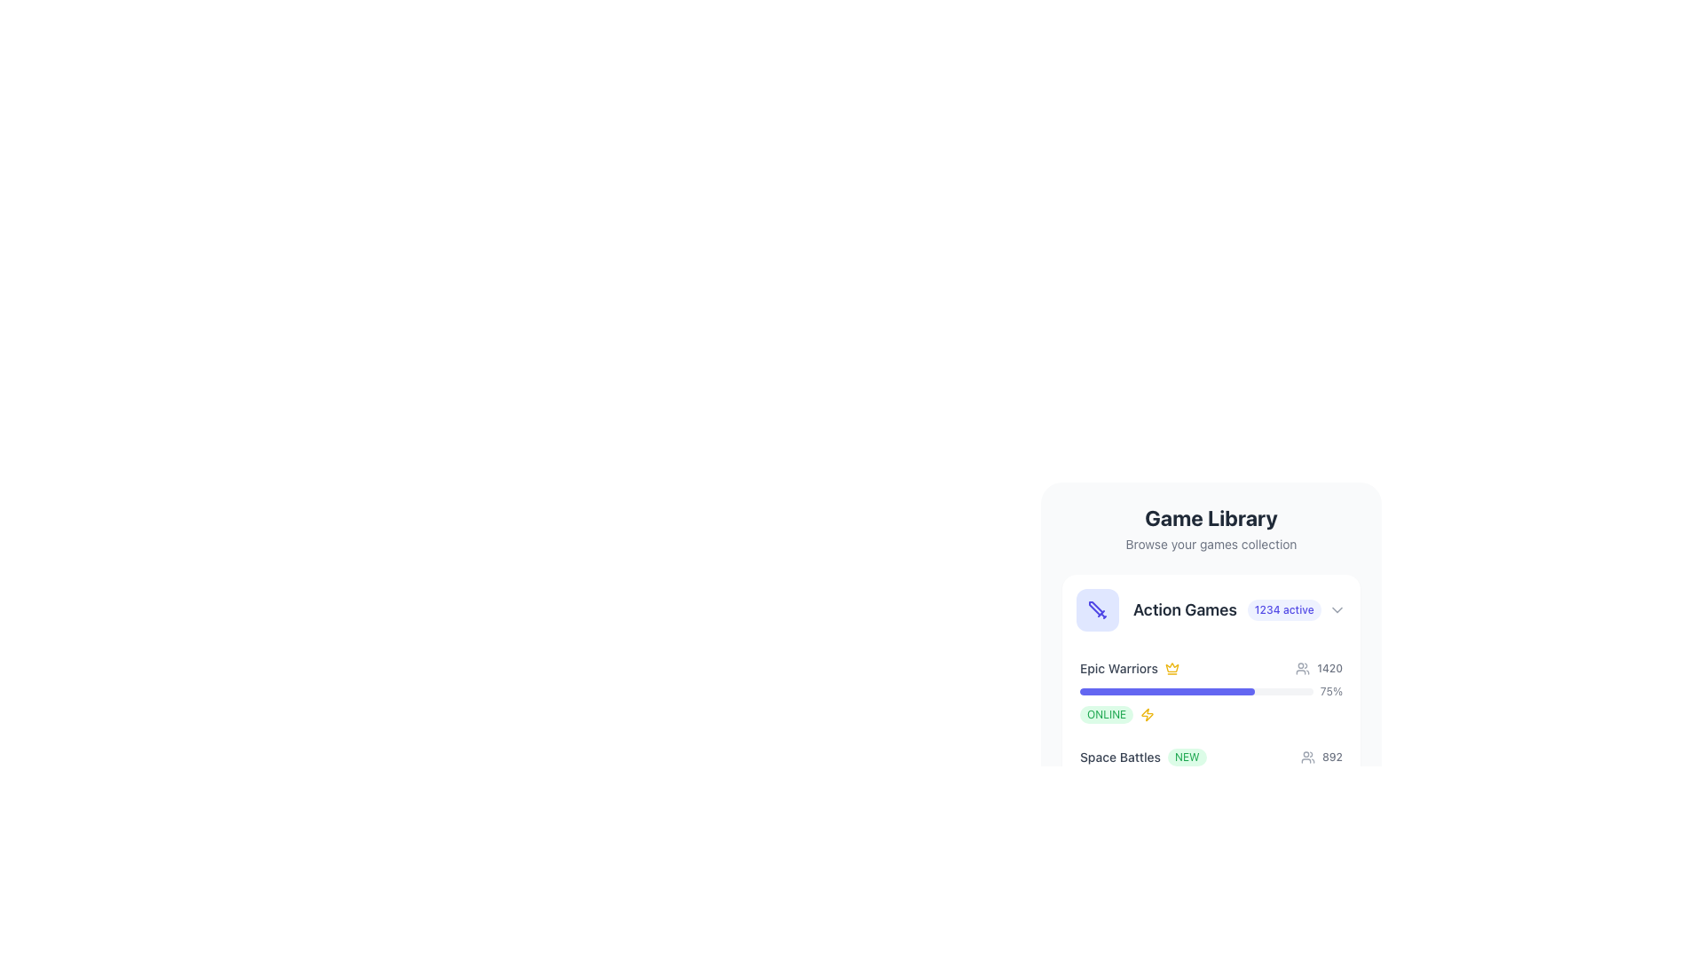 This screenshot has height=958, width=1704. Describe the element at coordinates (1202, 609) in the screenshot. I see `tab navigation` at that location.